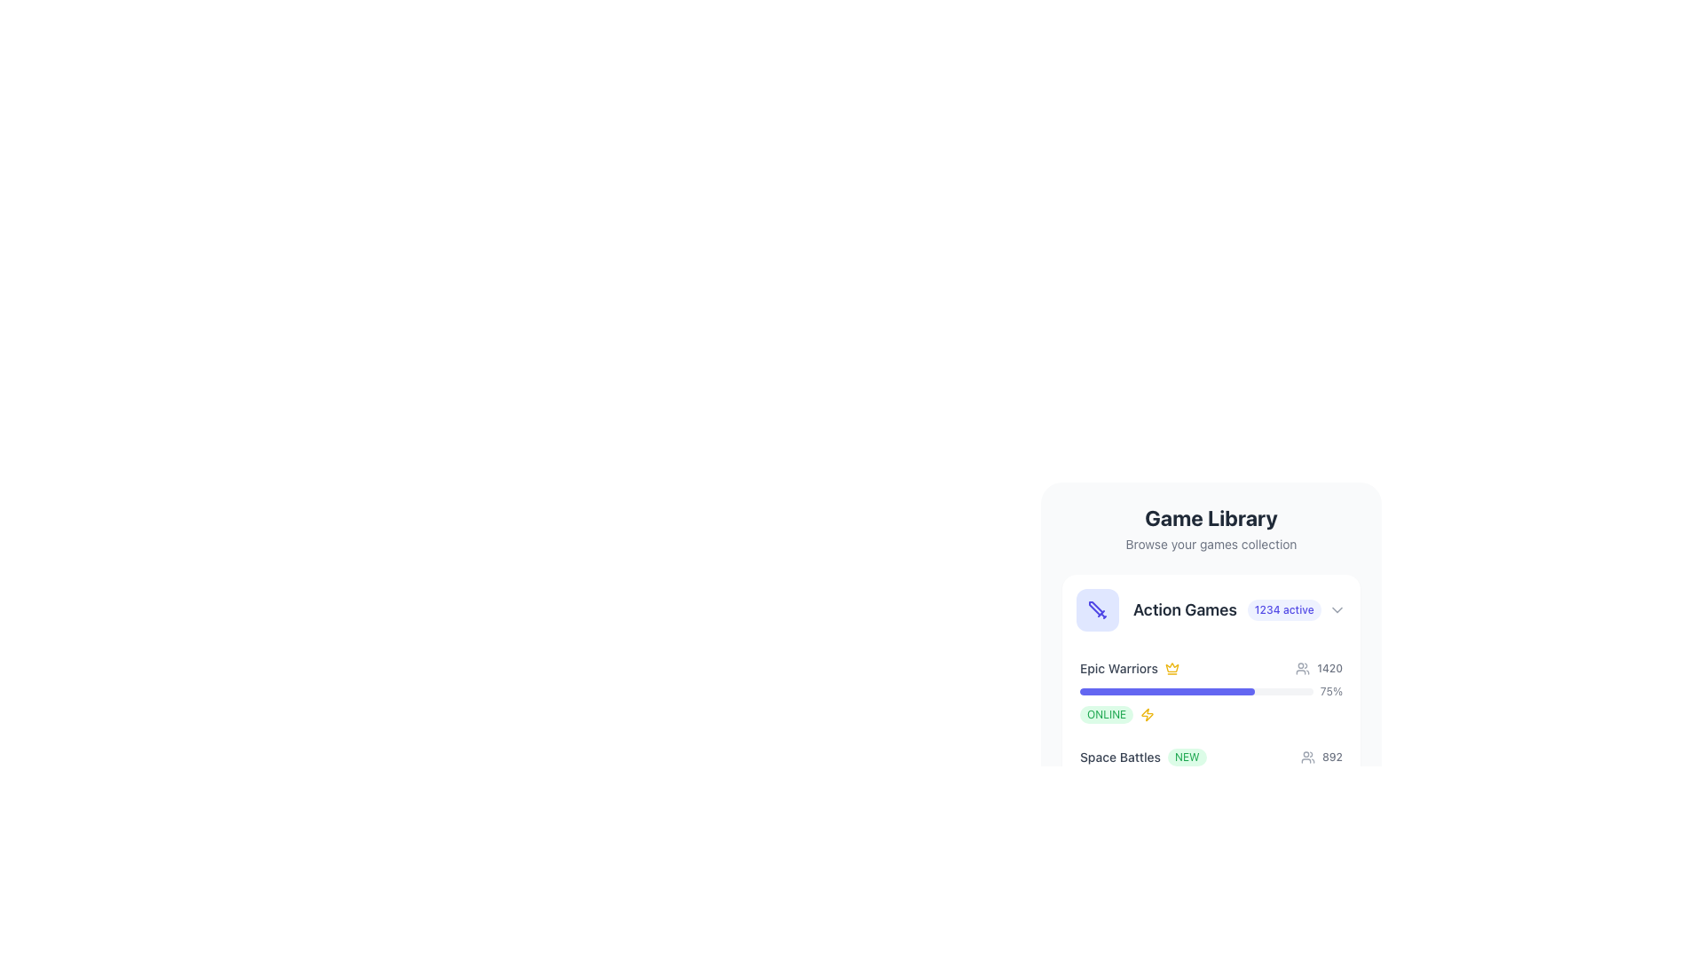 This screenshot has height=958, width=1704. Describe the element at coordinates (1202, 609) in the screenshot. I see `tab navigation` at that location.